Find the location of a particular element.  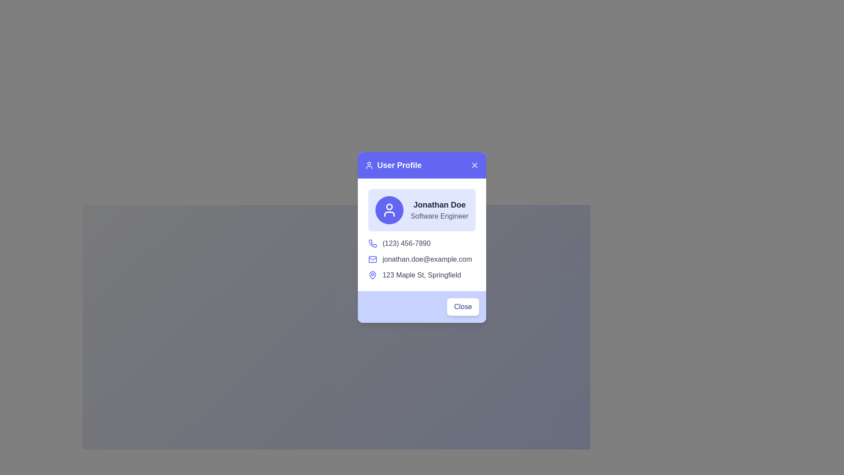

decorative graphic envelope icon element located in the user profile card using developer tools is located at coordinates (373, 259).